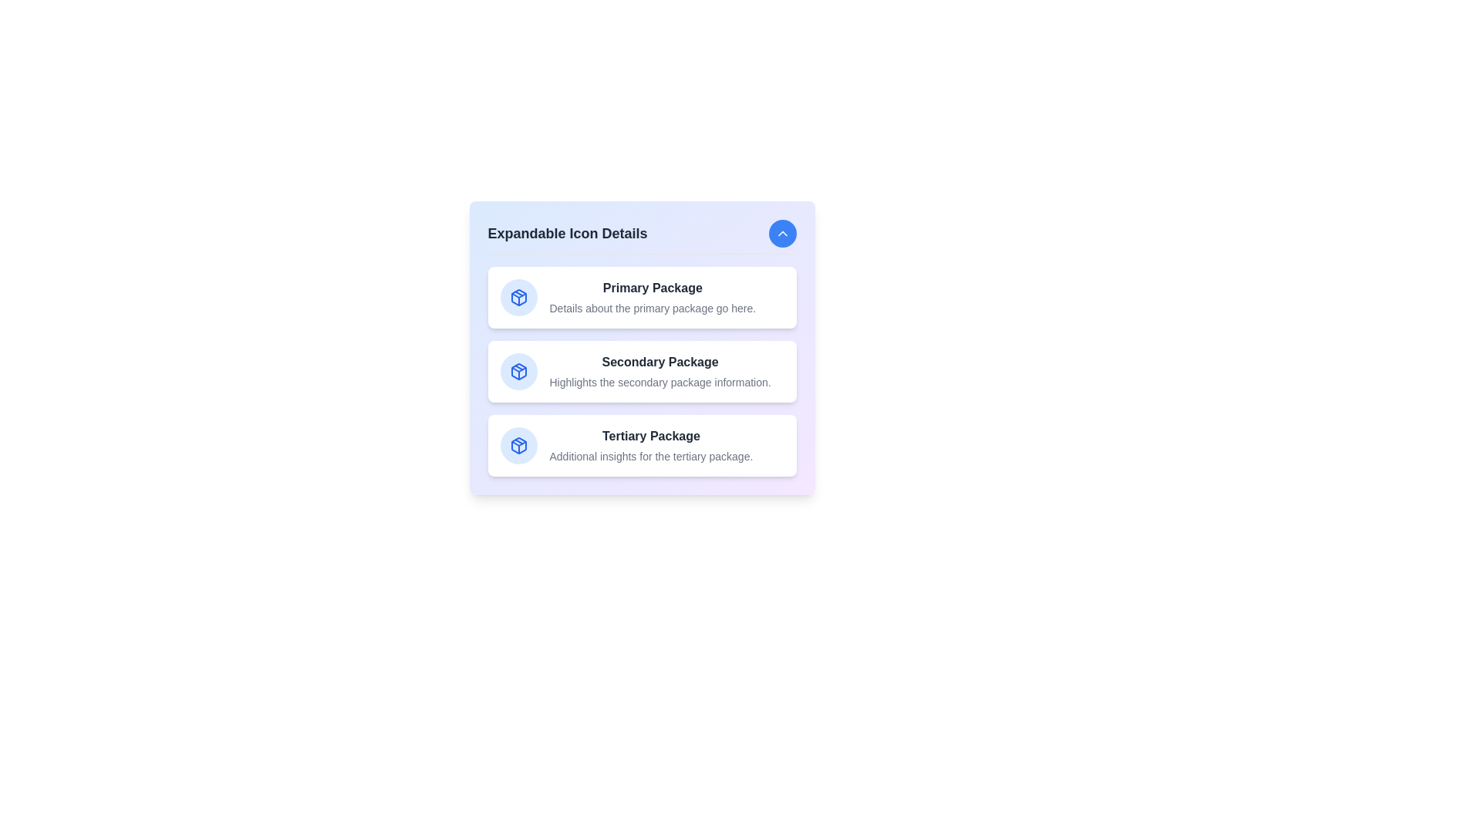 The height and width of the screenshot is (833, 1481). Describe the element at coordinates (660, 382) in the screenshot. I see `the text label that reads 'Highlights the secondary package information.' located beneath the 'Secondary Package' header` at that location.